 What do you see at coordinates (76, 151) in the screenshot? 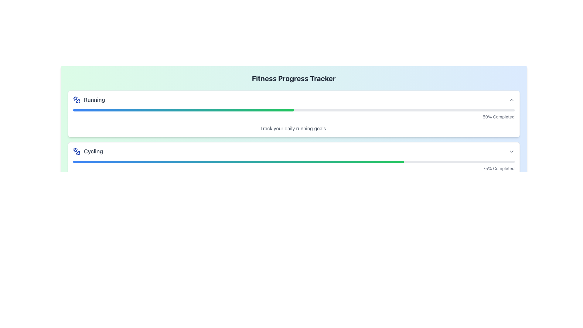
I see `the blue dumbbell icon located to the left of the text 'Cycling' in the progress tracker interface` at bounding box center [76, 151].